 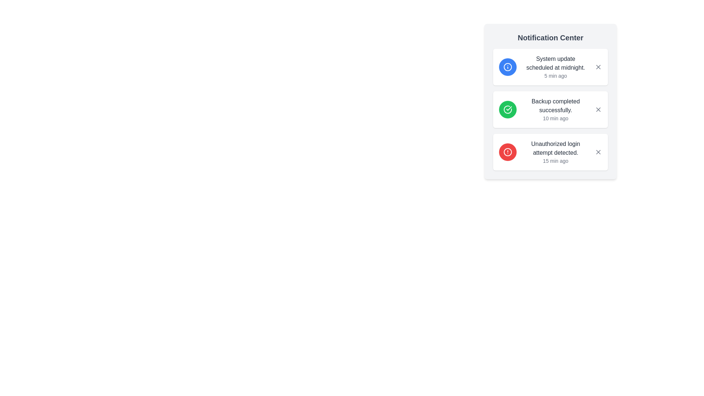 I want to click on the Timestamp label that shows the elapsed time since the 'Unauthorized login attempt detected.' notification event. This element is located in the bottom-right corner of the notification entry and is purely informative, so click(x=555, y=161).